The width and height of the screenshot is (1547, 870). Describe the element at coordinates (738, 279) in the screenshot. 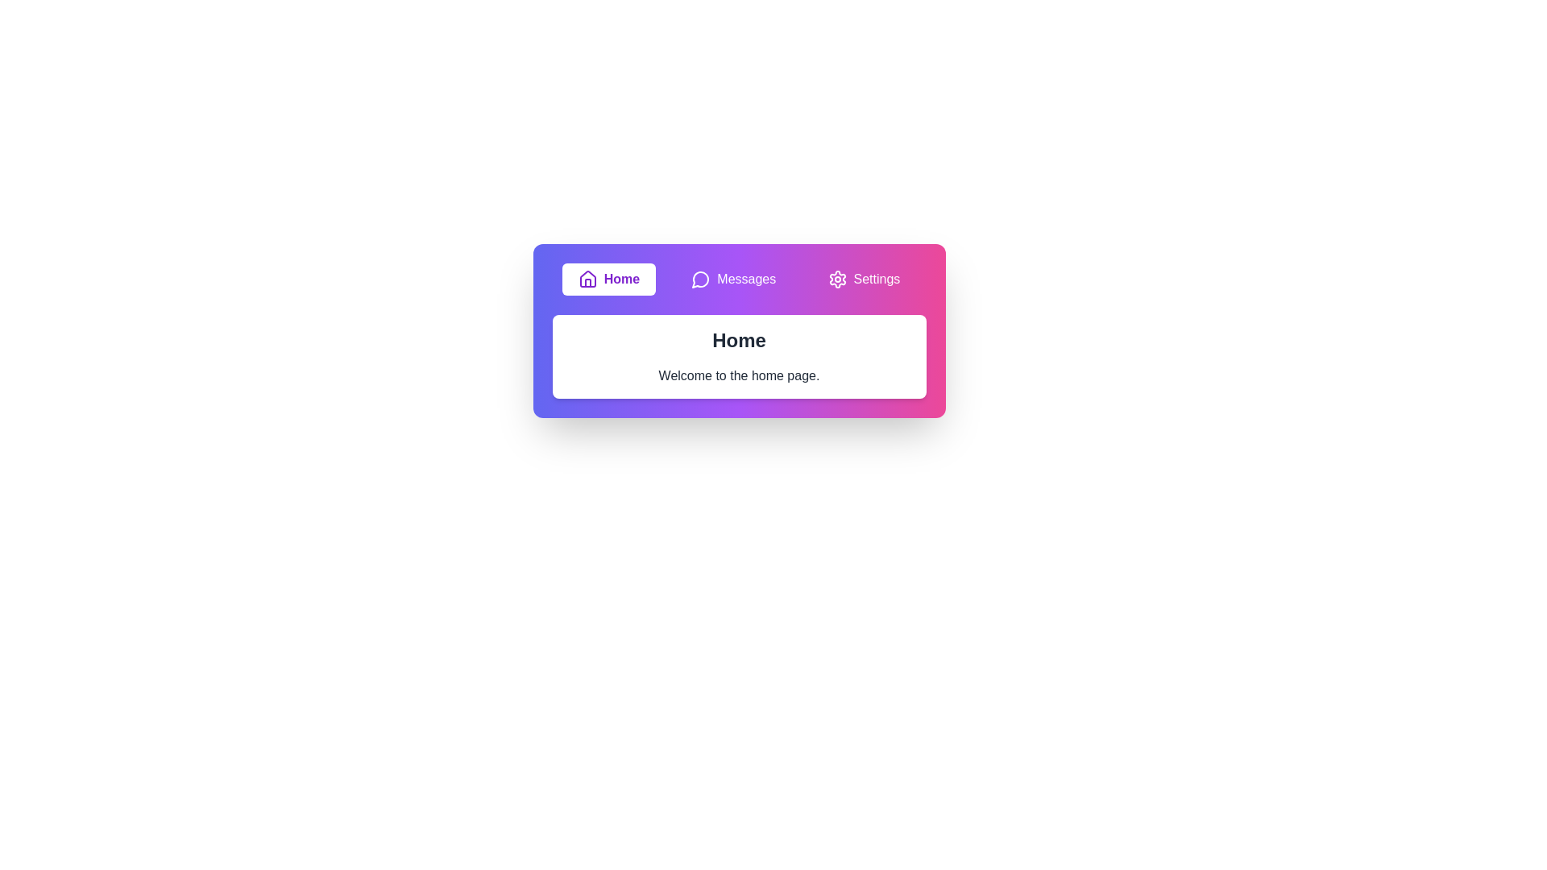

I see `the 'Messages' option in the horizontal navigation menu` at that location.